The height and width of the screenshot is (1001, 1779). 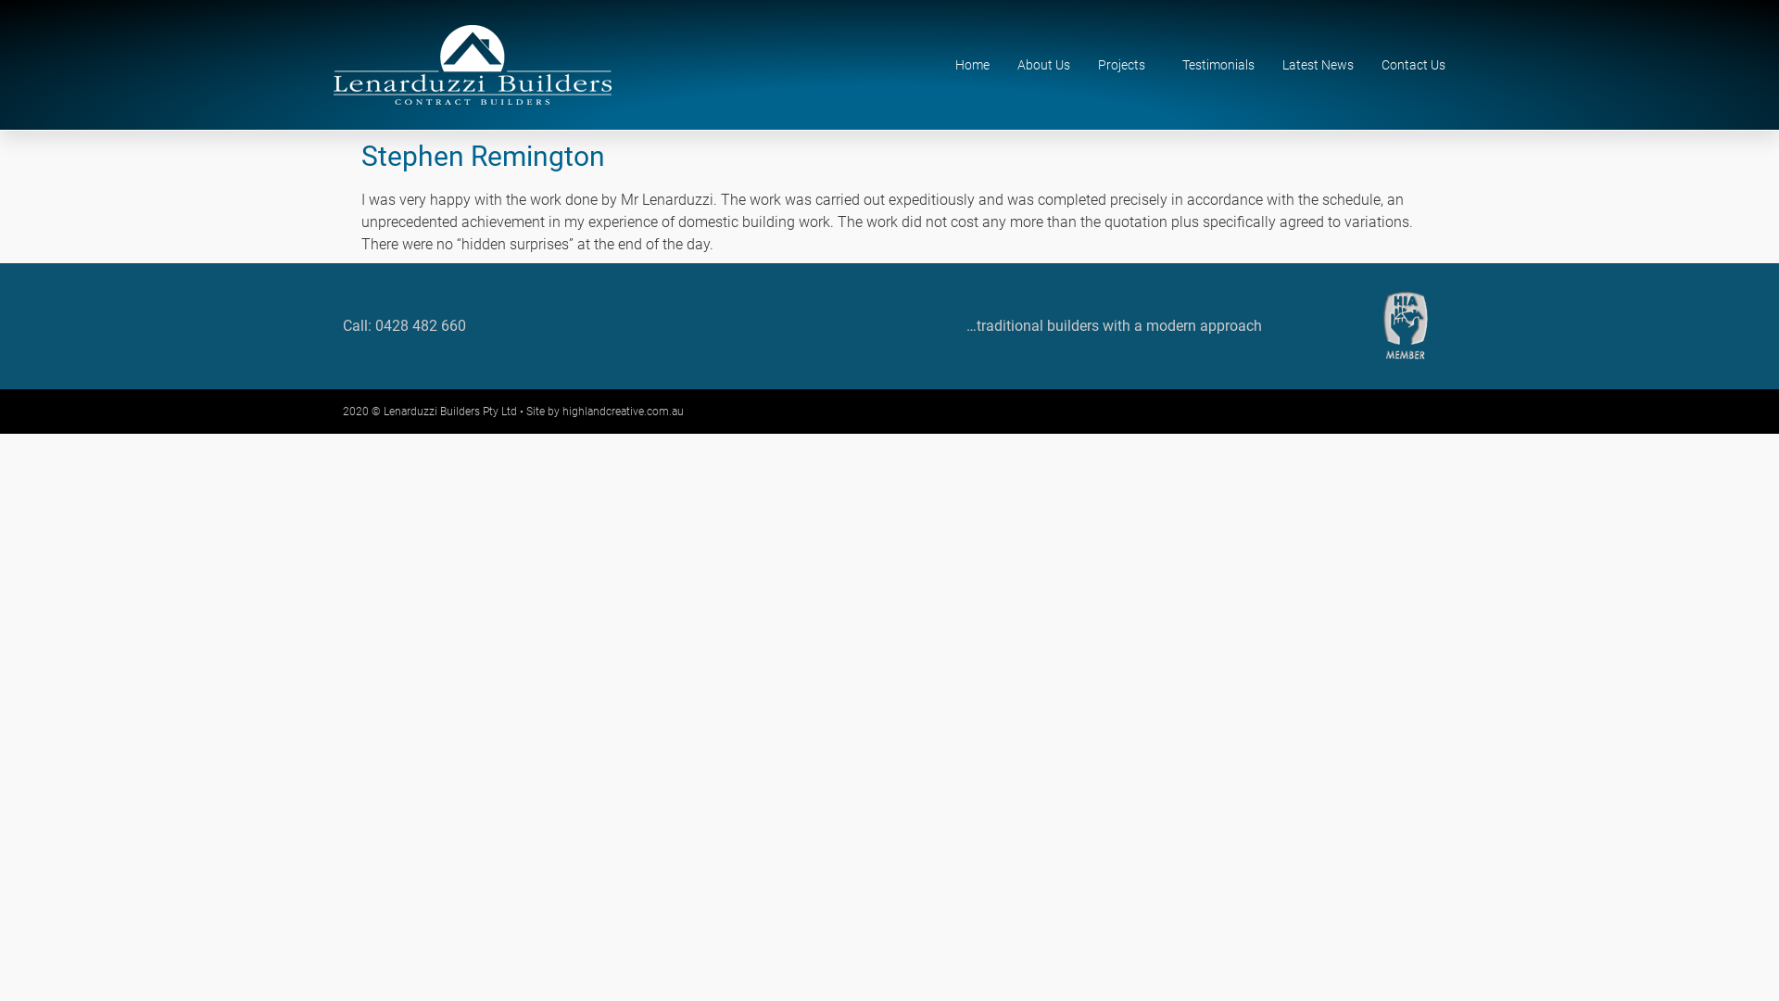 I want to click on 'About Us', so click(x=1043, y=63).